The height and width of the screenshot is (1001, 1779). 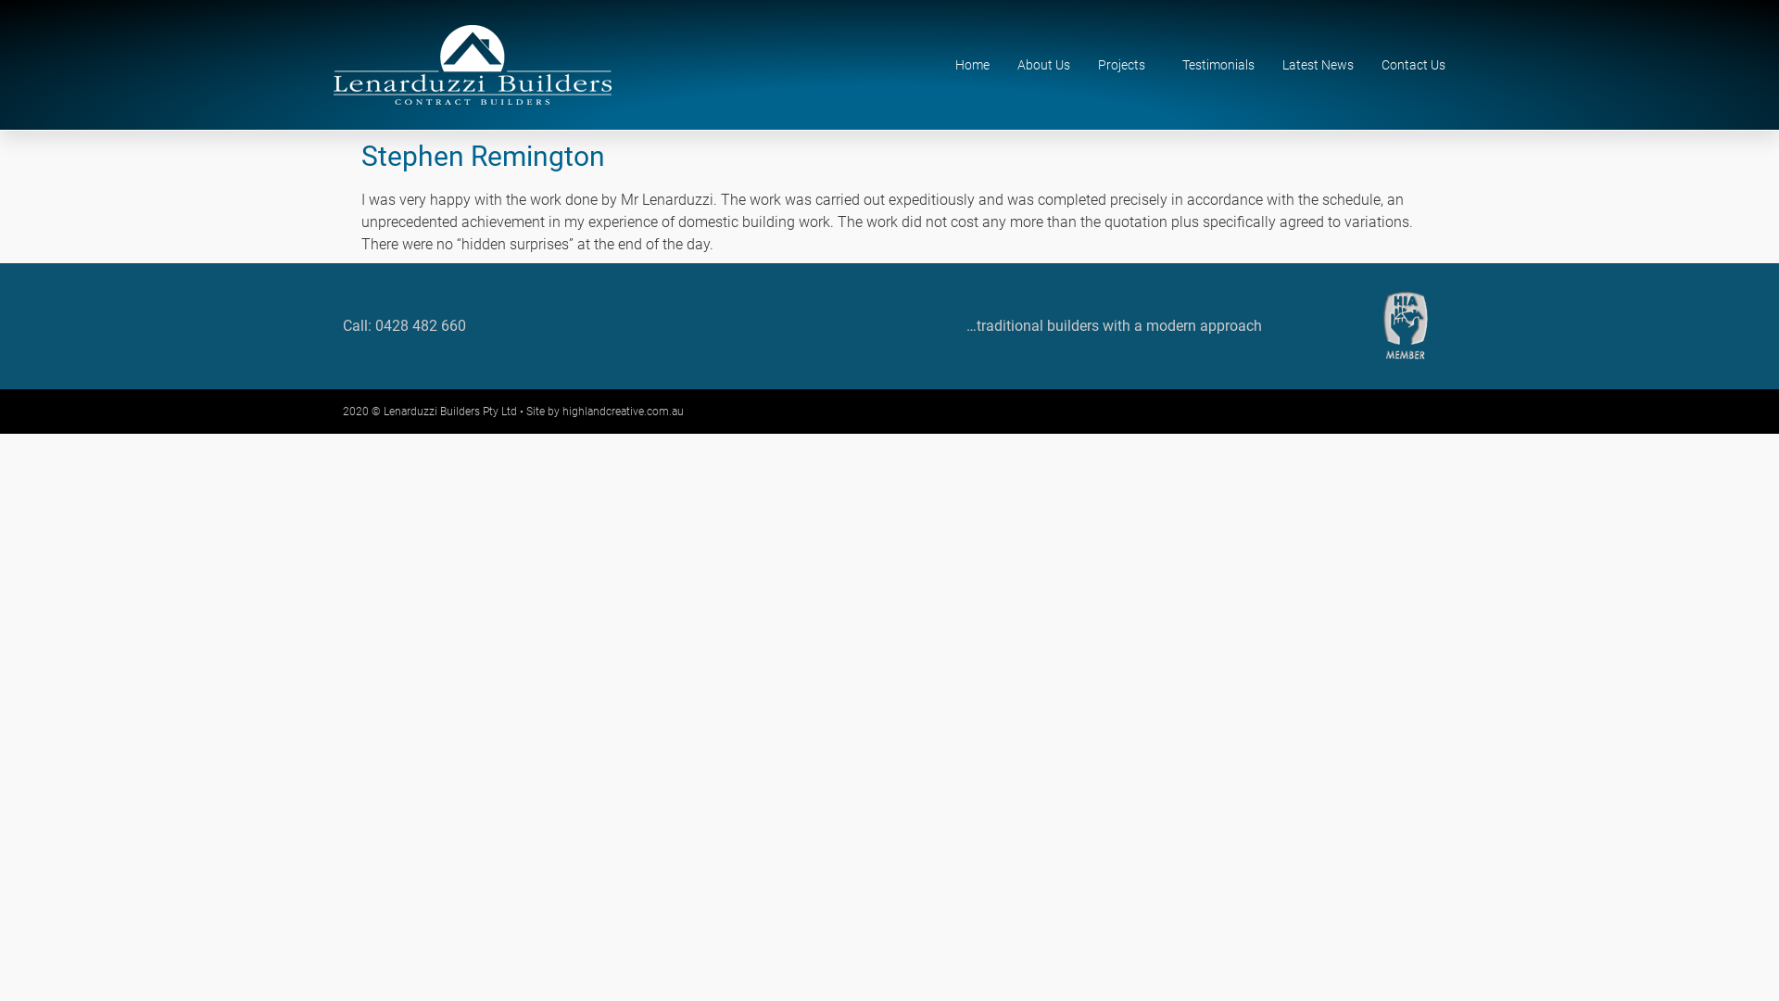 I want to click on 'About Us', so click(x=1043, y=63).